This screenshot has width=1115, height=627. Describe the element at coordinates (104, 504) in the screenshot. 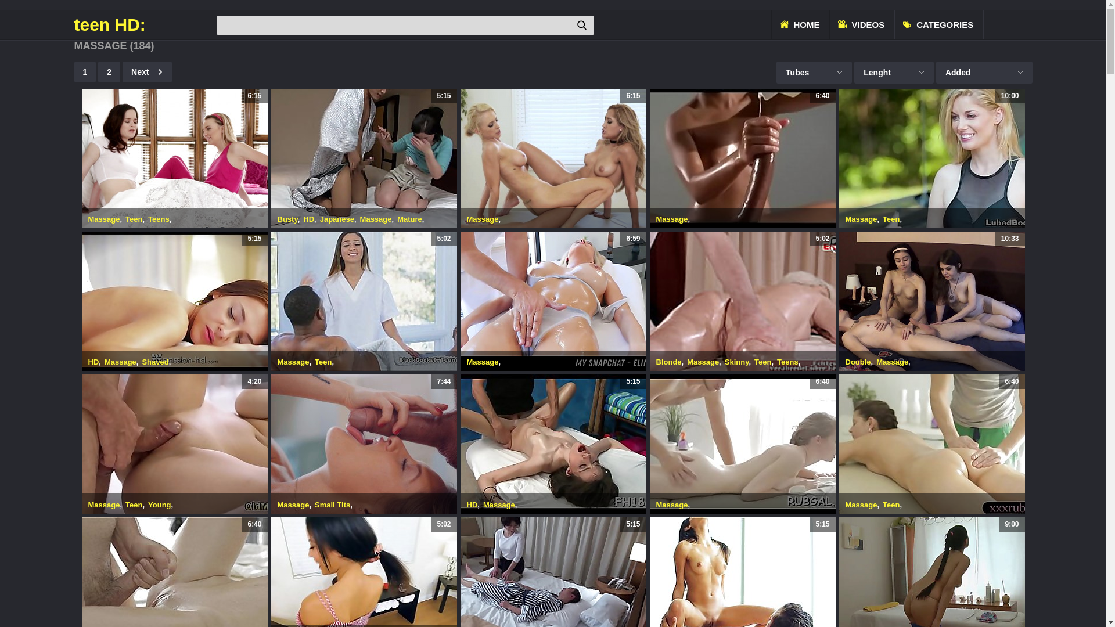

I see `'Massage'` at that location.